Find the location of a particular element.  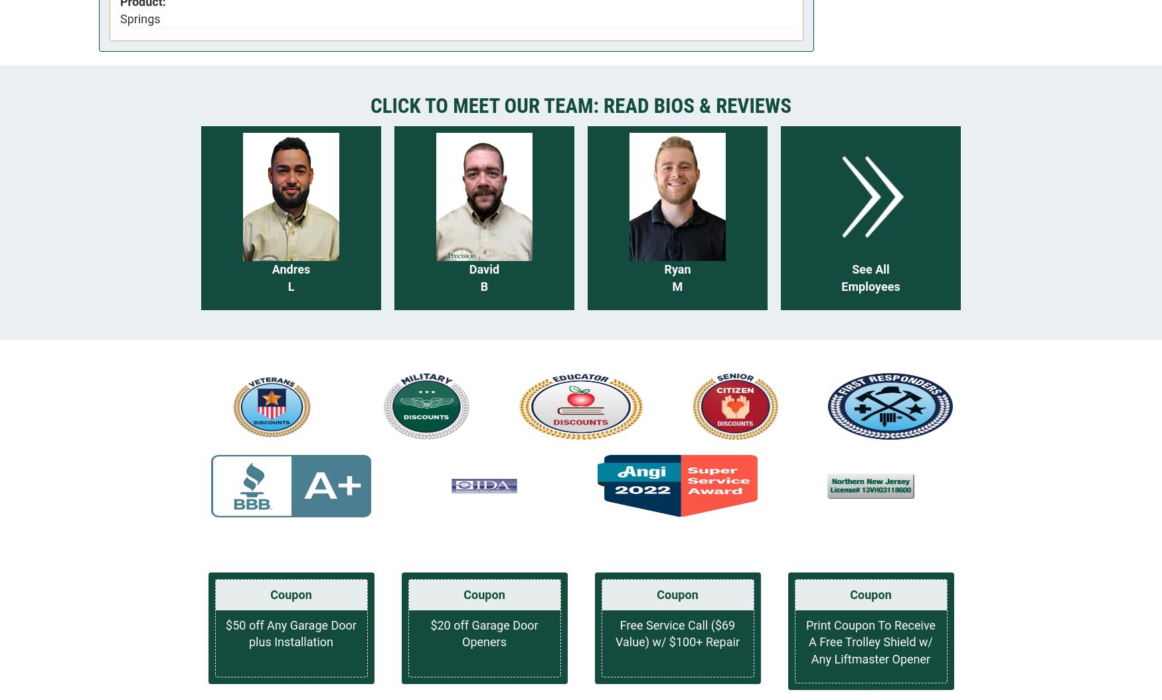

'See All' is located at coordinates (869, 268).